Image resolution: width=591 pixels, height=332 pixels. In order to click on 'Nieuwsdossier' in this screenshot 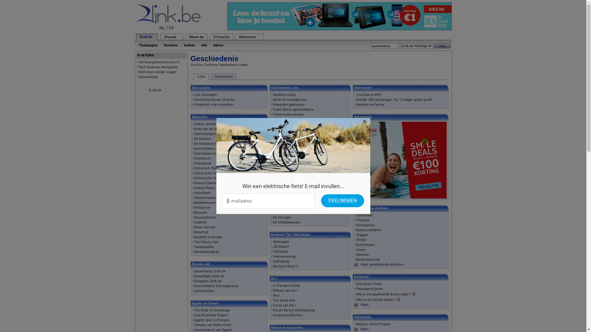, I will do `click(205, 217)`.